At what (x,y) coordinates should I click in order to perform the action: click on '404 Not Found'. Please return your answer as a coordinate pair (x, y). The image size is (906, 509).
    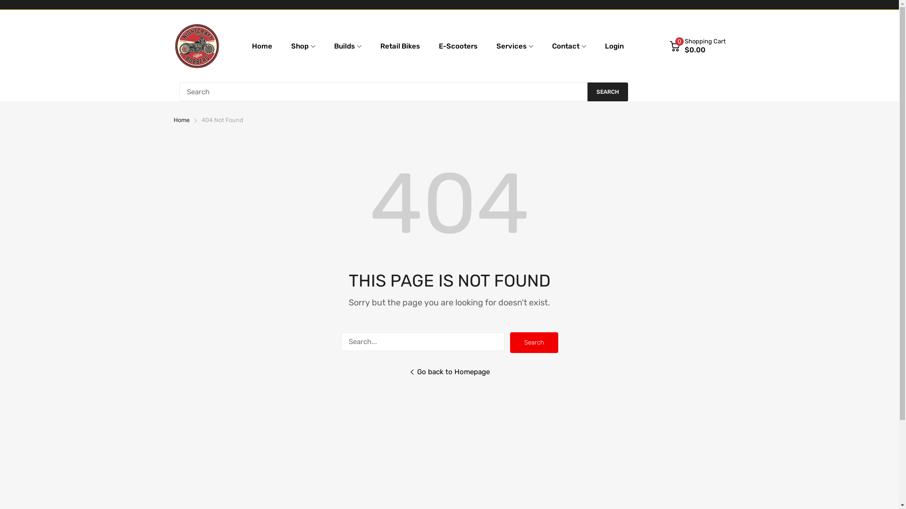
    Looking at the image, I should click on (201, 119).